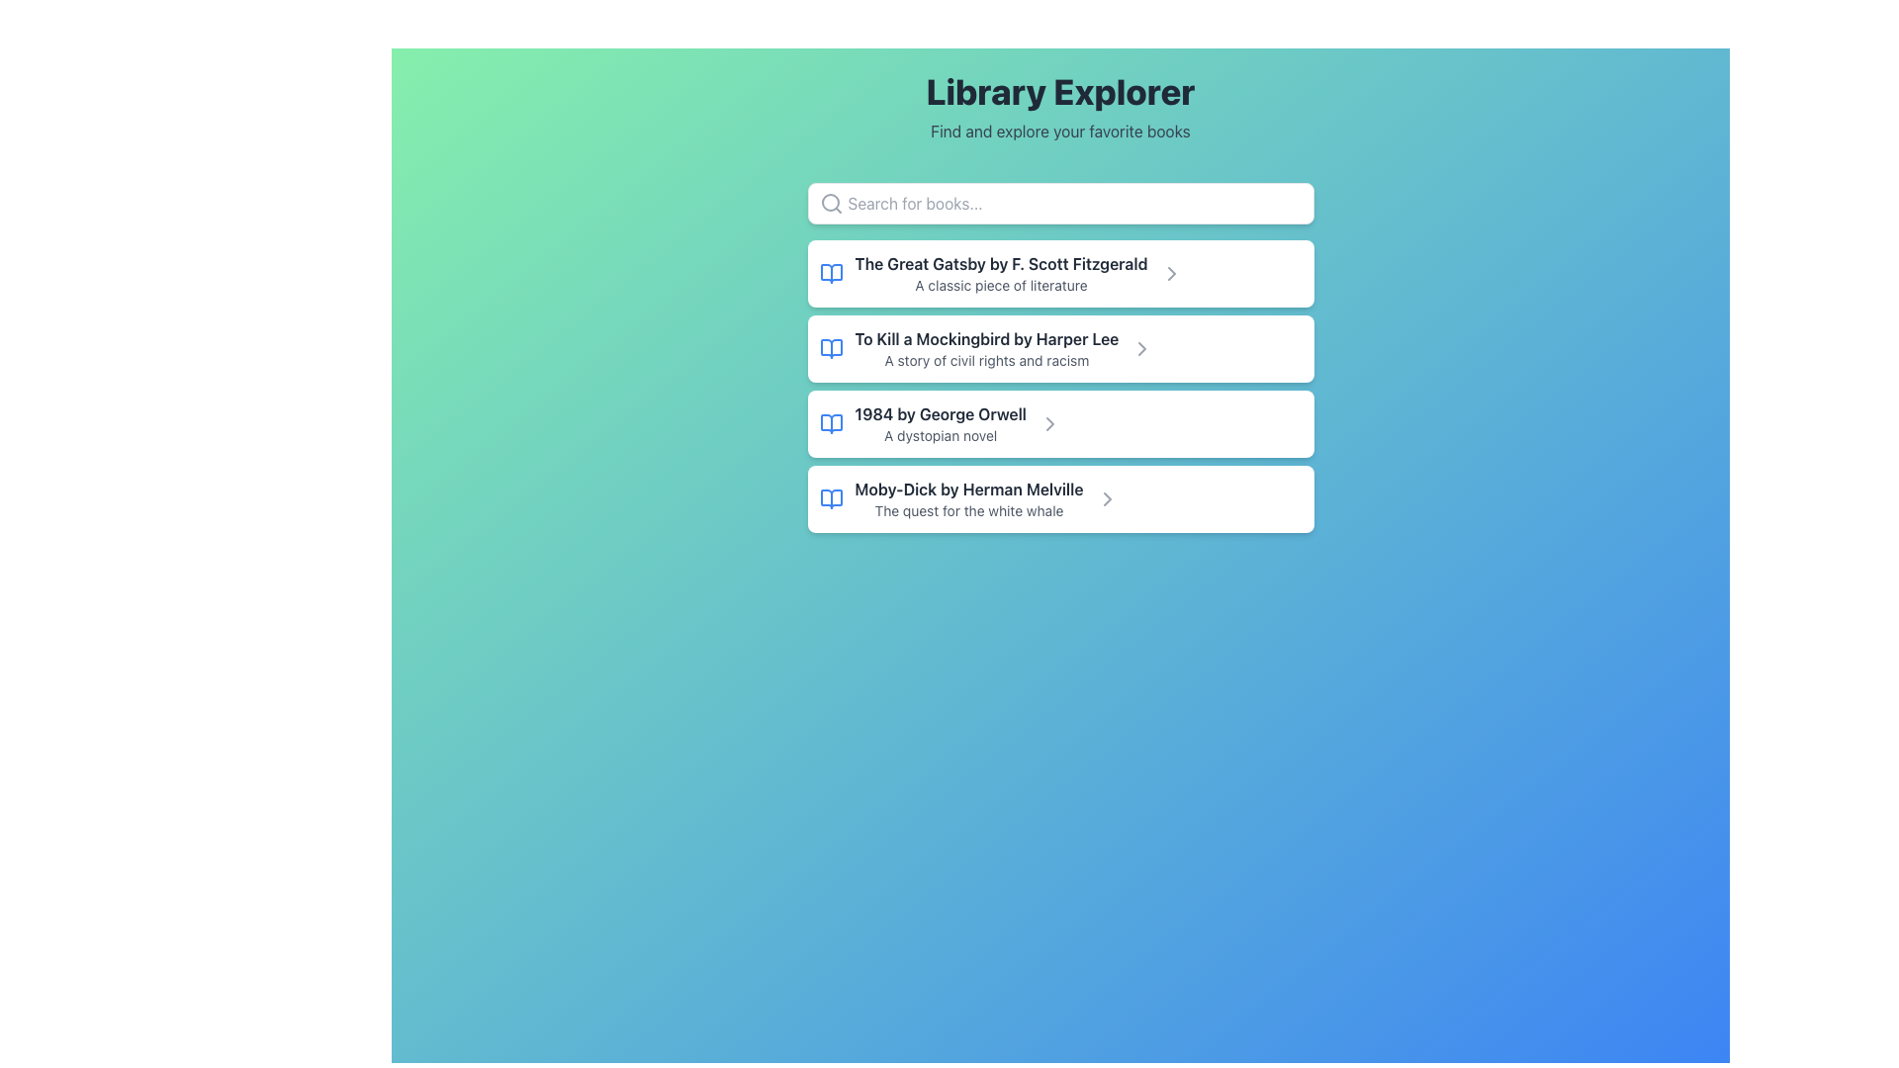 This screenshot has height=1068, width=1899. Describe the element at coordinates (1059, 348) in the screenshot. I see `the second list item titled 'To Kill a Mockingbird by Harper Lee'` at that location.